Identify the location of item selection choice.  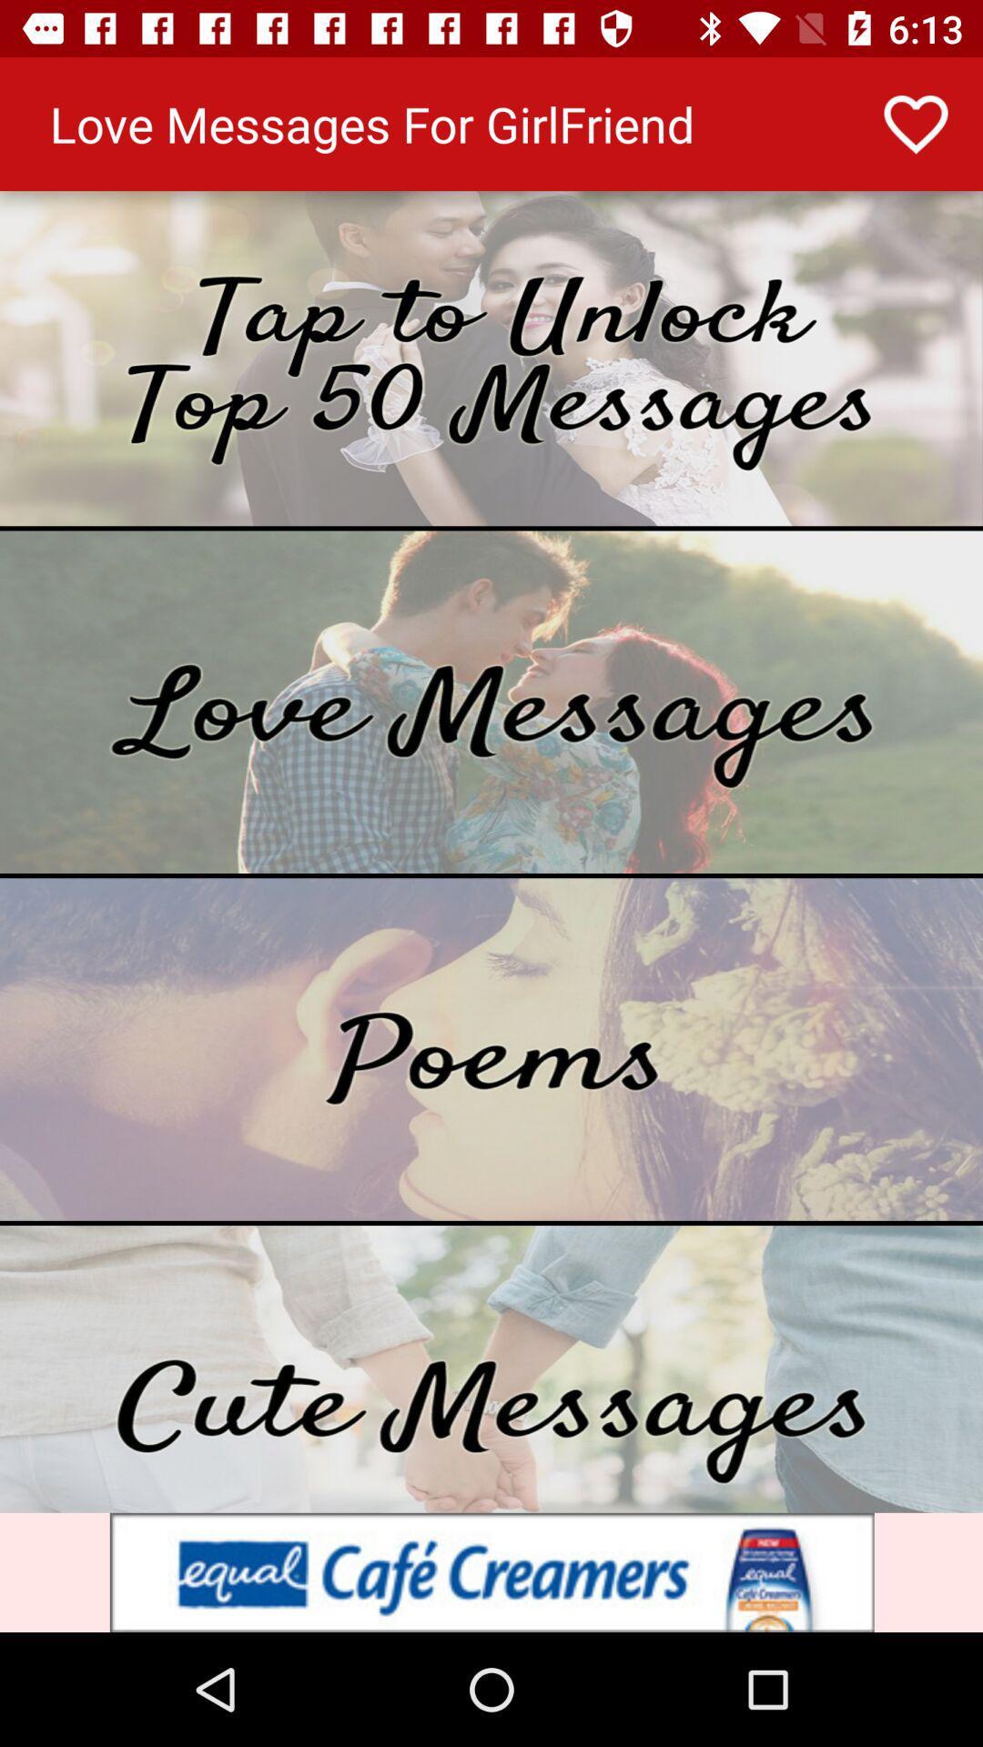
(491, 358).